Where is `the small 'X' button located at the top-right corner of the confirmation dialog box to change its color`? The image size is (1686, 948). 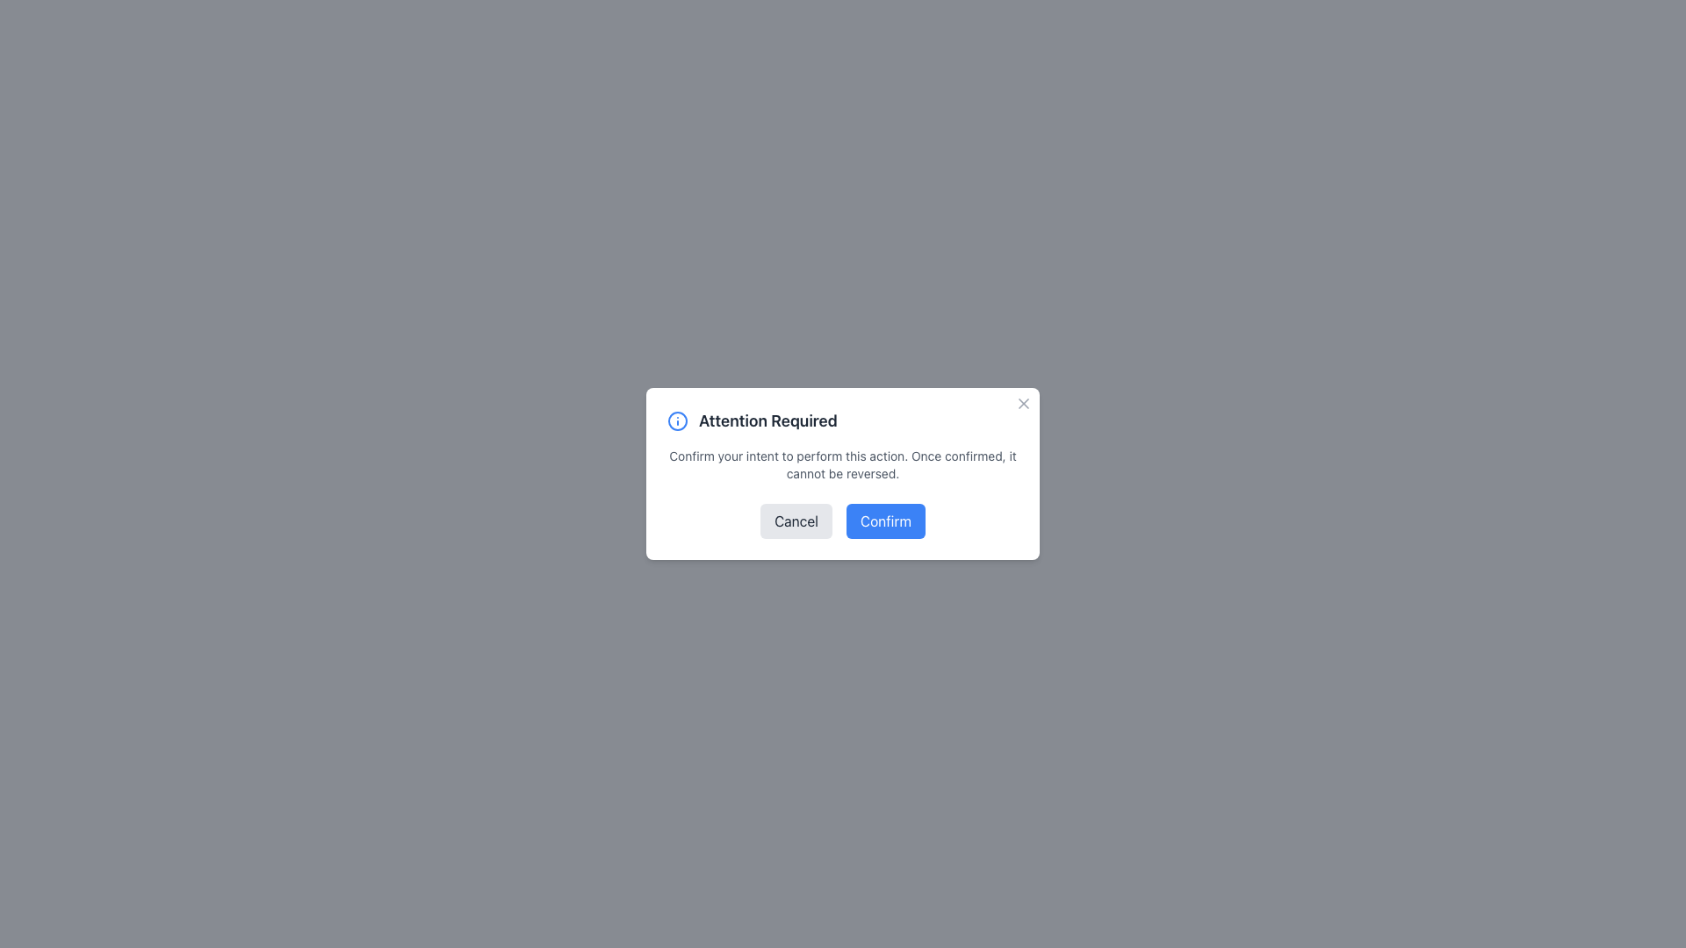 the small 'X' button located at the top-right corner of the confirmation dialog box to change its color is located at coordinates (1024, 403).